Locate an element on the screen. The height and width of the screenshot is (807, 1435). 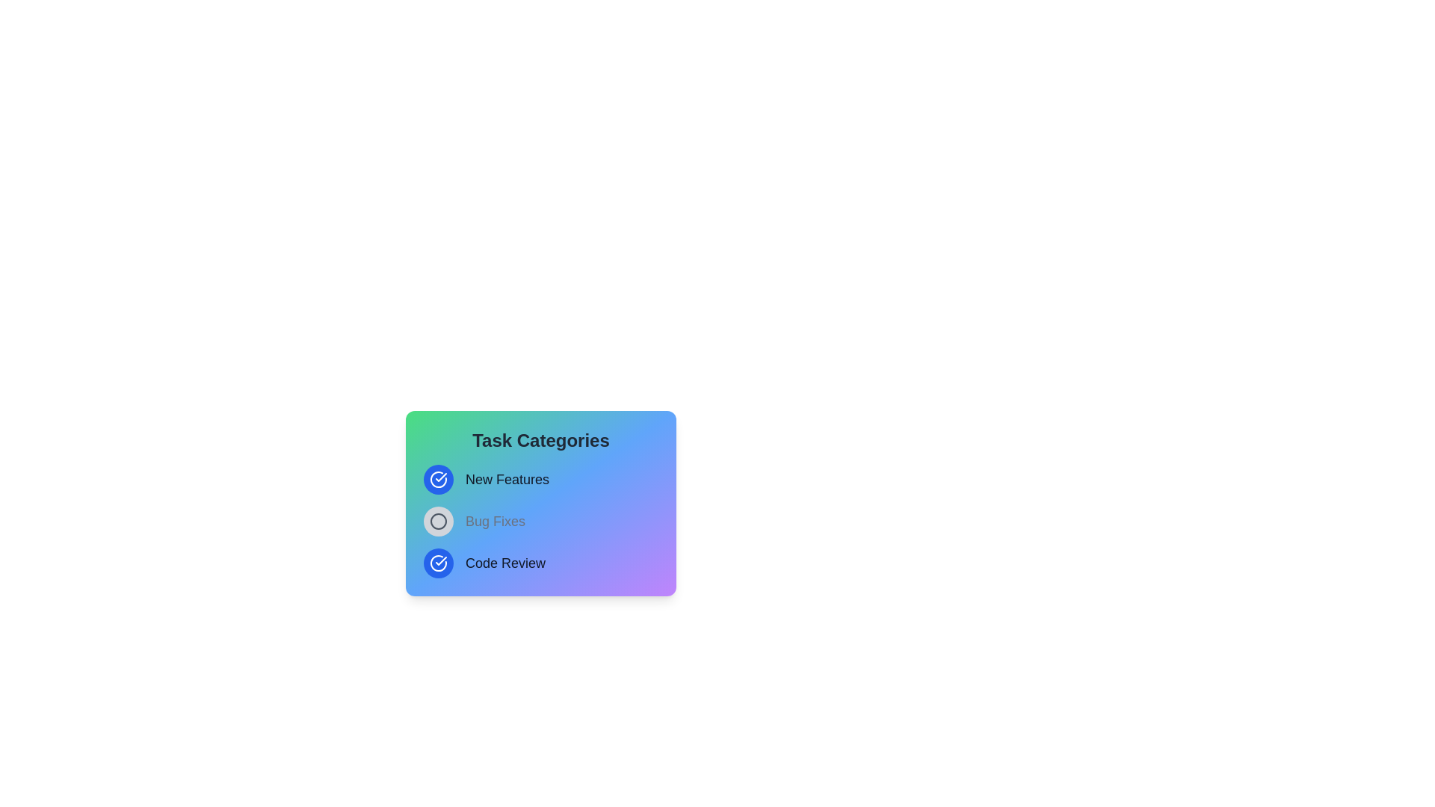
the checklist item labeled New Features is located at coordinates (437, 479).